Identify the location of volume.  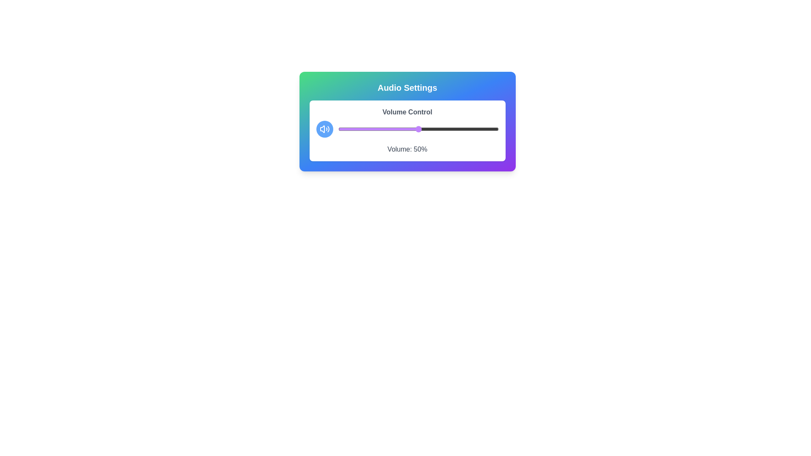
(415, 129).